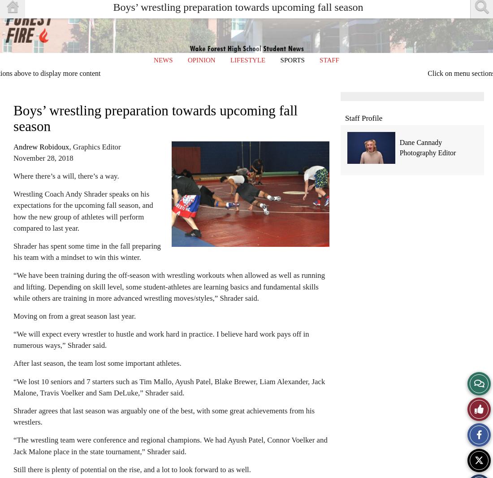 This screenshot has height=478, width=493. What do you see at coordinates (65, 175) in the screenshot?
I see `'Where there’s a will, there’s a way.'` at bounding box center [65, 175].